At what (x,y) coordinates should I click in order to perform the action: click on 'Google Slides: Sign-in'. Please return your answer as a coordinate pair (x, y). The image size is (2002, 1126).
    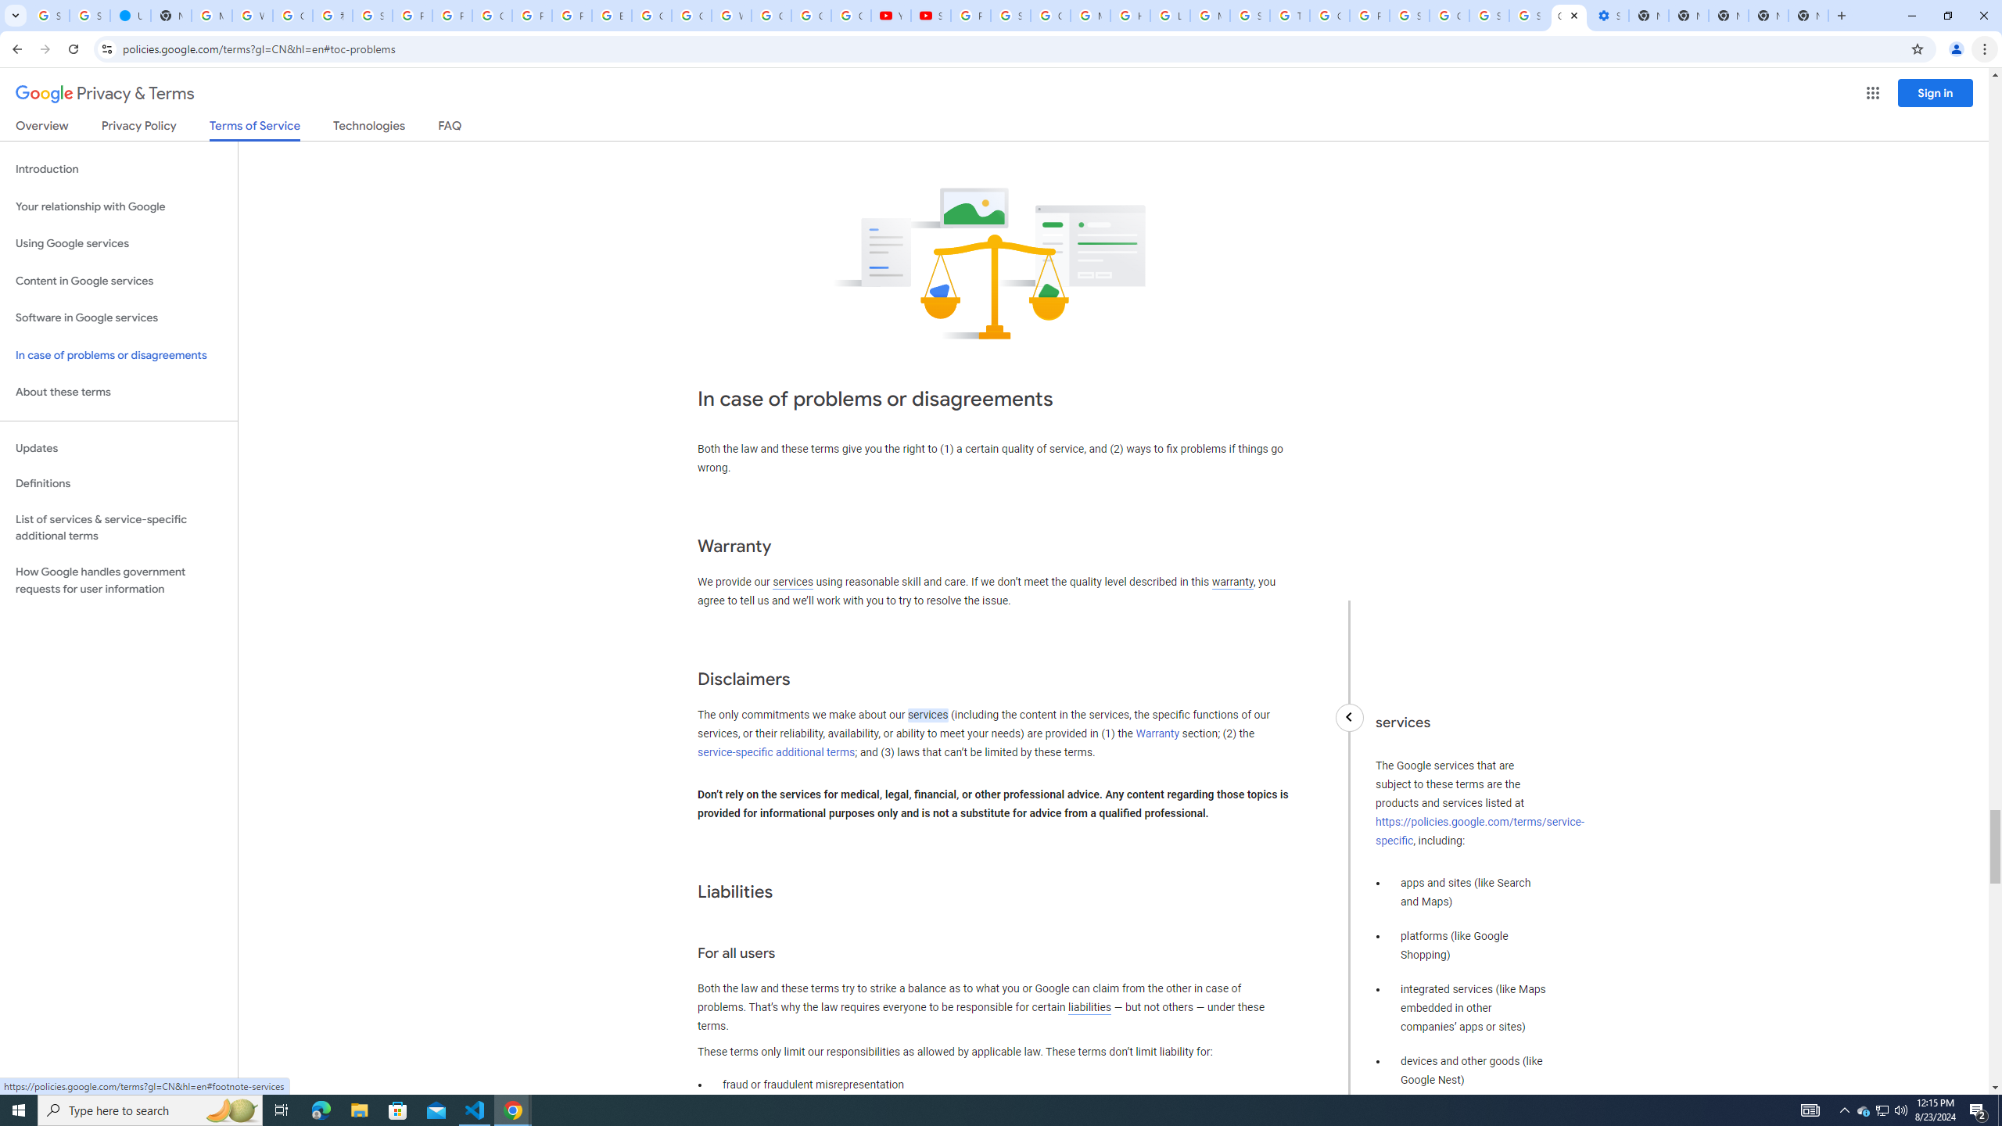
    Looking at the image, I should click on (651, 15).